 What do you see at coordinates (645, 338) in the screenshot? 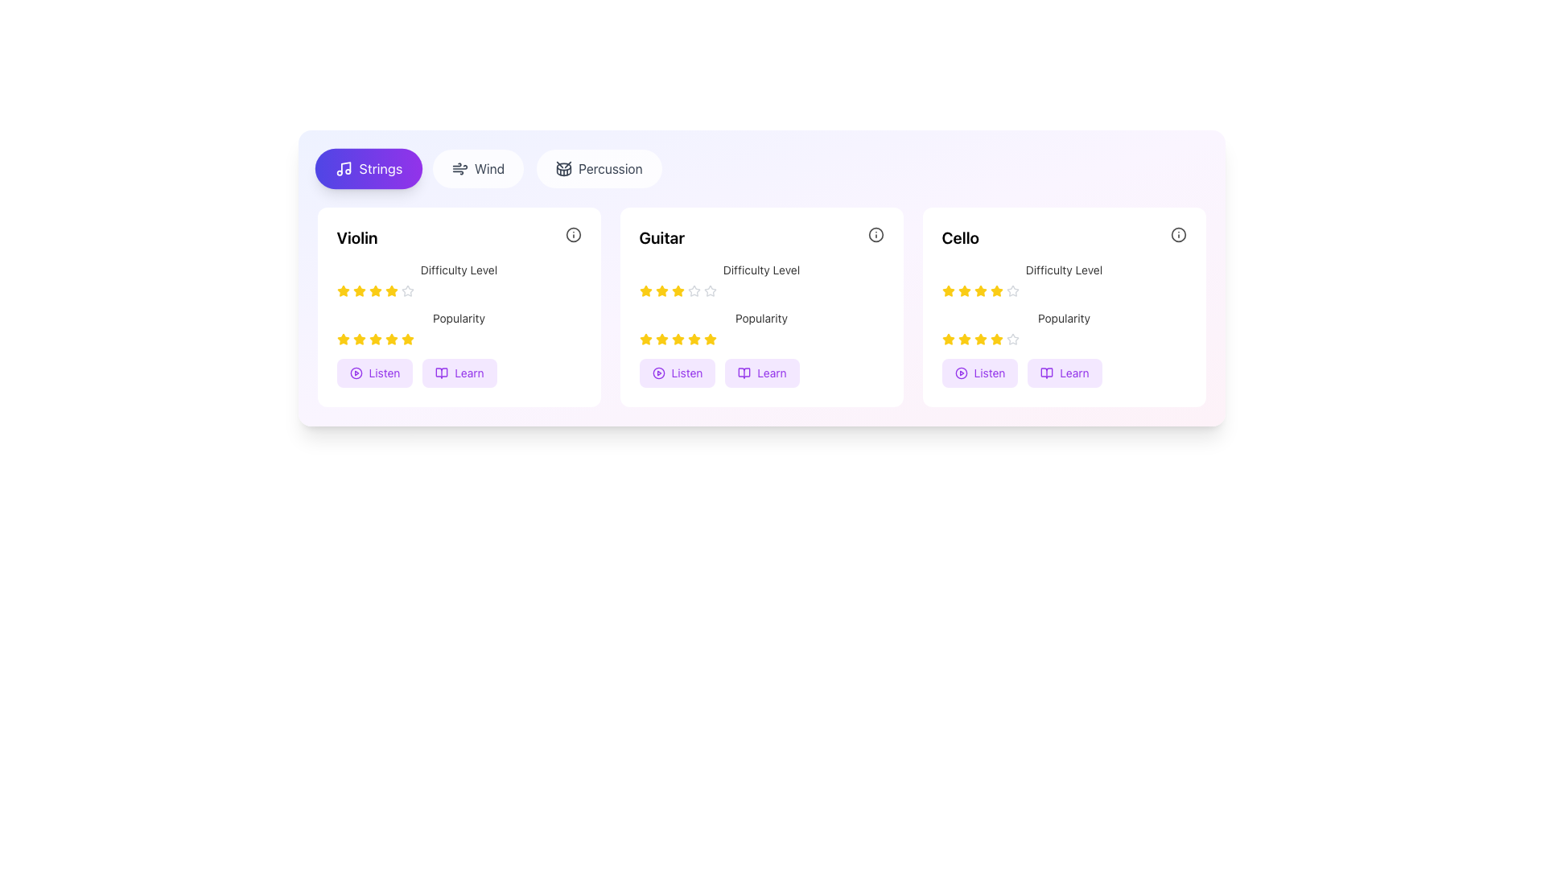
I see `the fifth yellow rating star icon in the 'Popularity' section of the 'Guitar' card` at bounding box center [645, 338].